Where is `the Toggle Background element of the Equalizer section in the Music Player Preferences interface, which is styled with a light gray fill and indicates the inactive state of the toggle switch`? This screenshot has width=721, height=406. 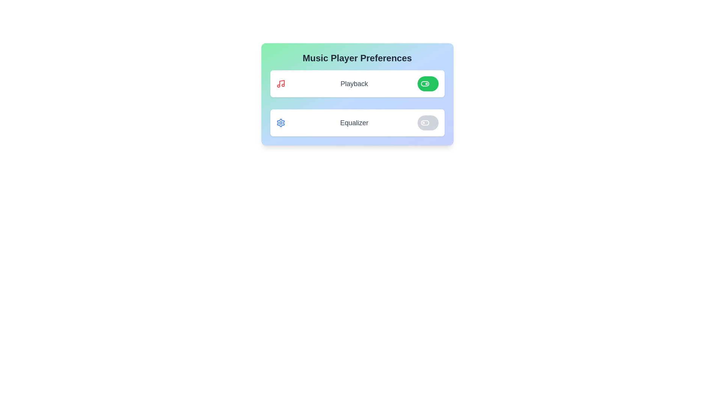
the Toggle Background element of the Equalizer section in the Music Player Preferences interface, which is styled with a light gray fill and indicates the inactive state of the toggle switch is located at coordinates (425, 123).